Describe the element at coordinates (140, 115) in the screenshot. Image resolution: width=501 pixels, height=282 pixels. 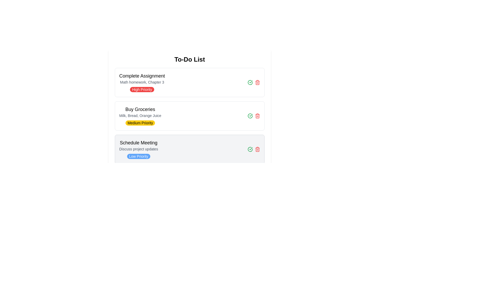
I see `text from the Text Label displaying 'Milk, Bread, Orange Juice', which is located below the title 'Buy Groceries' and above the 'Medium Priority' badge` at that location.